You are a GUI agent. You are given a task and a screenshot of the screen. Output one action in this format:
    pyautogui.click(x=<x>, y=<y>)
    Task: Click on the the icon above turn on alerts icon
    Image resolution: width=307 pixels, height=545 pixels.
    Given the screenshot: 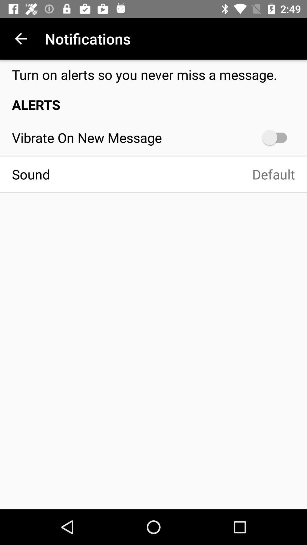 What is the action you would take?
    pyautogui.click(x=20, y=38)
    